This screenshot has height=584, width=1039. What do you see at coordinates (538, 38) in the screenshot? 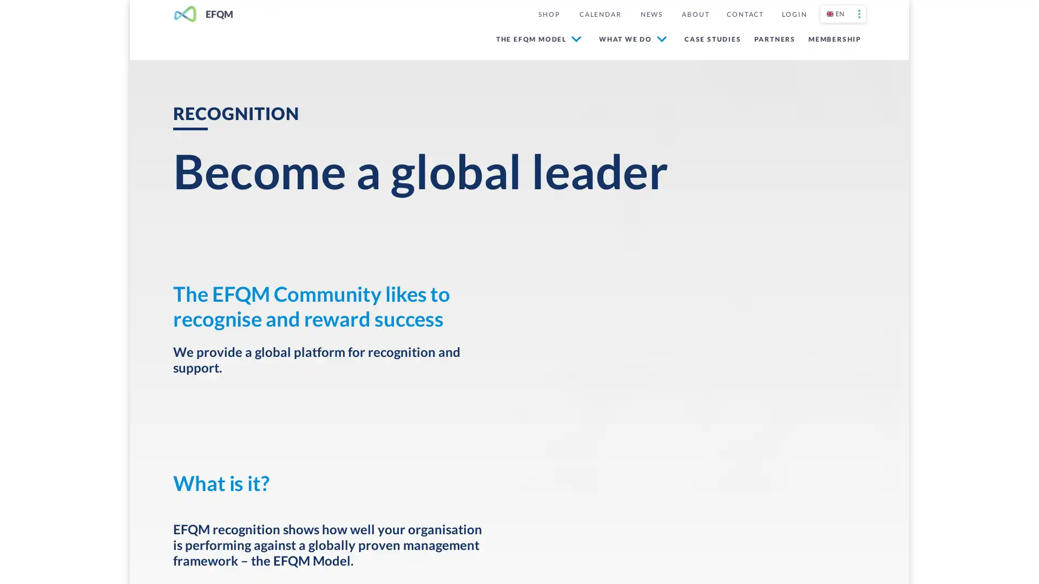
I see `THE EFQM MODEL` at bounding box center [538, 38].